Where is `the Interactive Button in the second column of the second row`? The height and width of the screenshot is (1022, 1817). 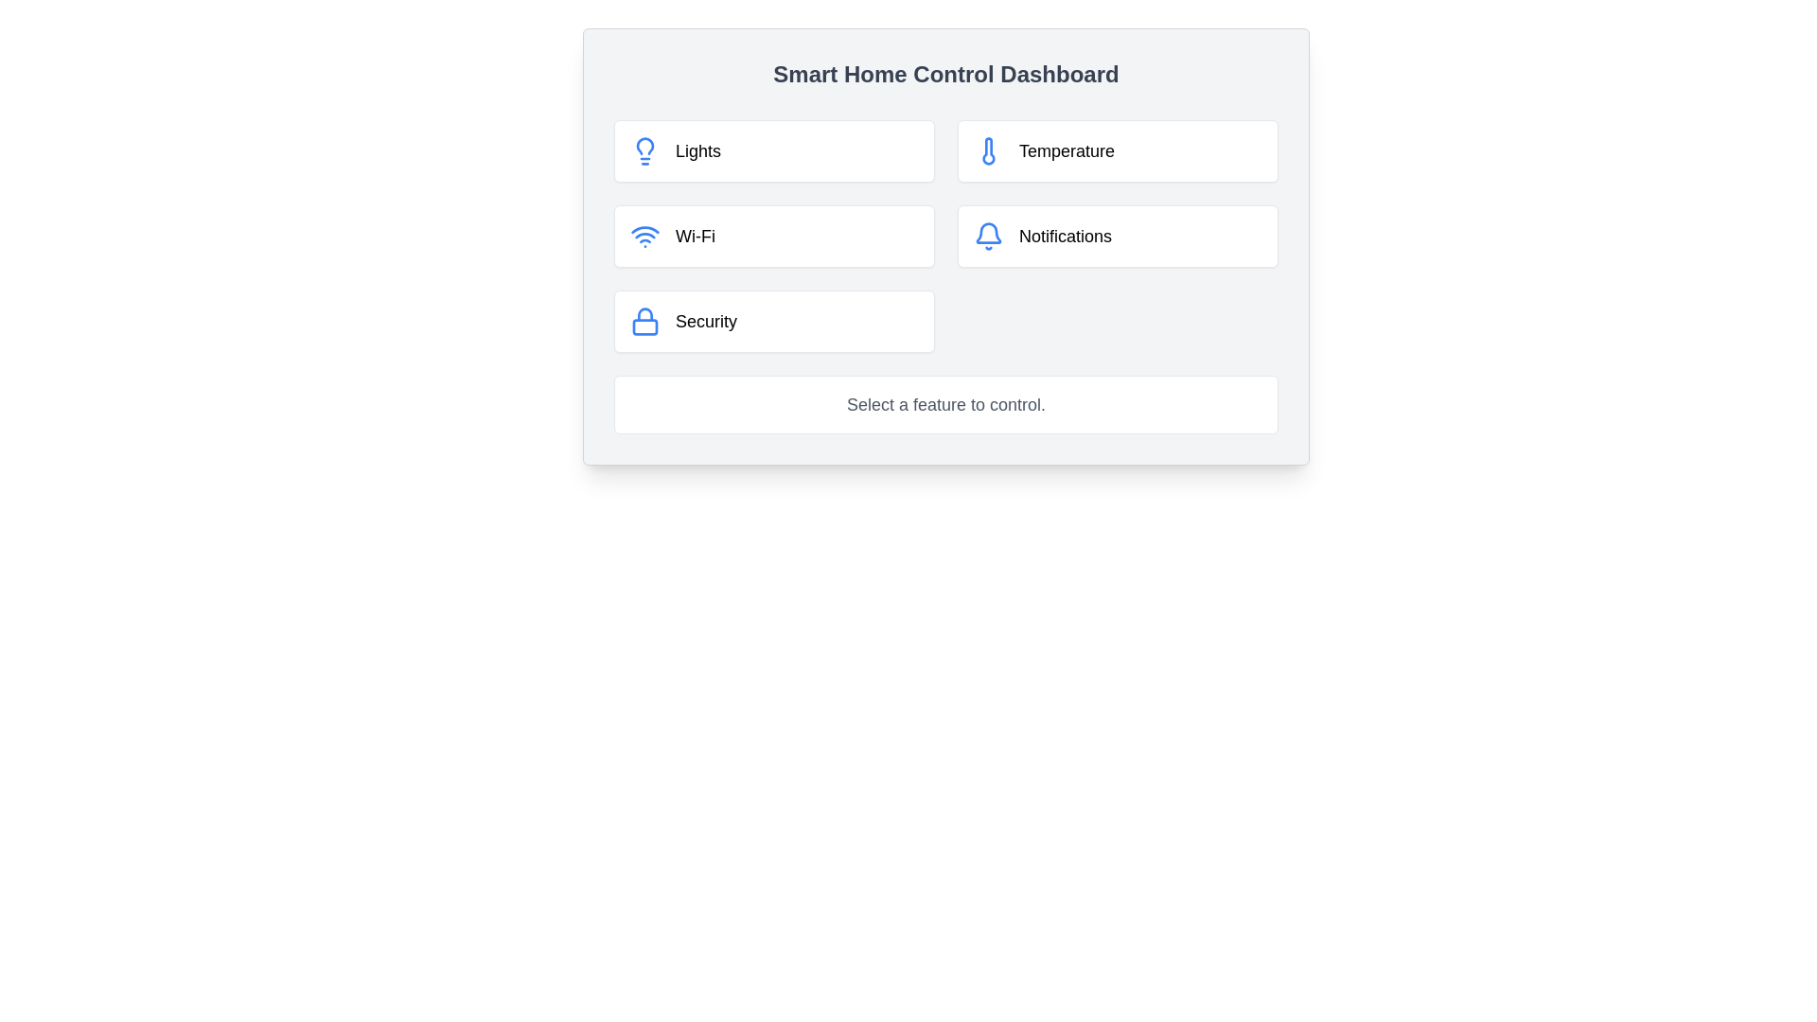
the Interactive Button in the second column of the second row is located at coordinates (1118, 236).